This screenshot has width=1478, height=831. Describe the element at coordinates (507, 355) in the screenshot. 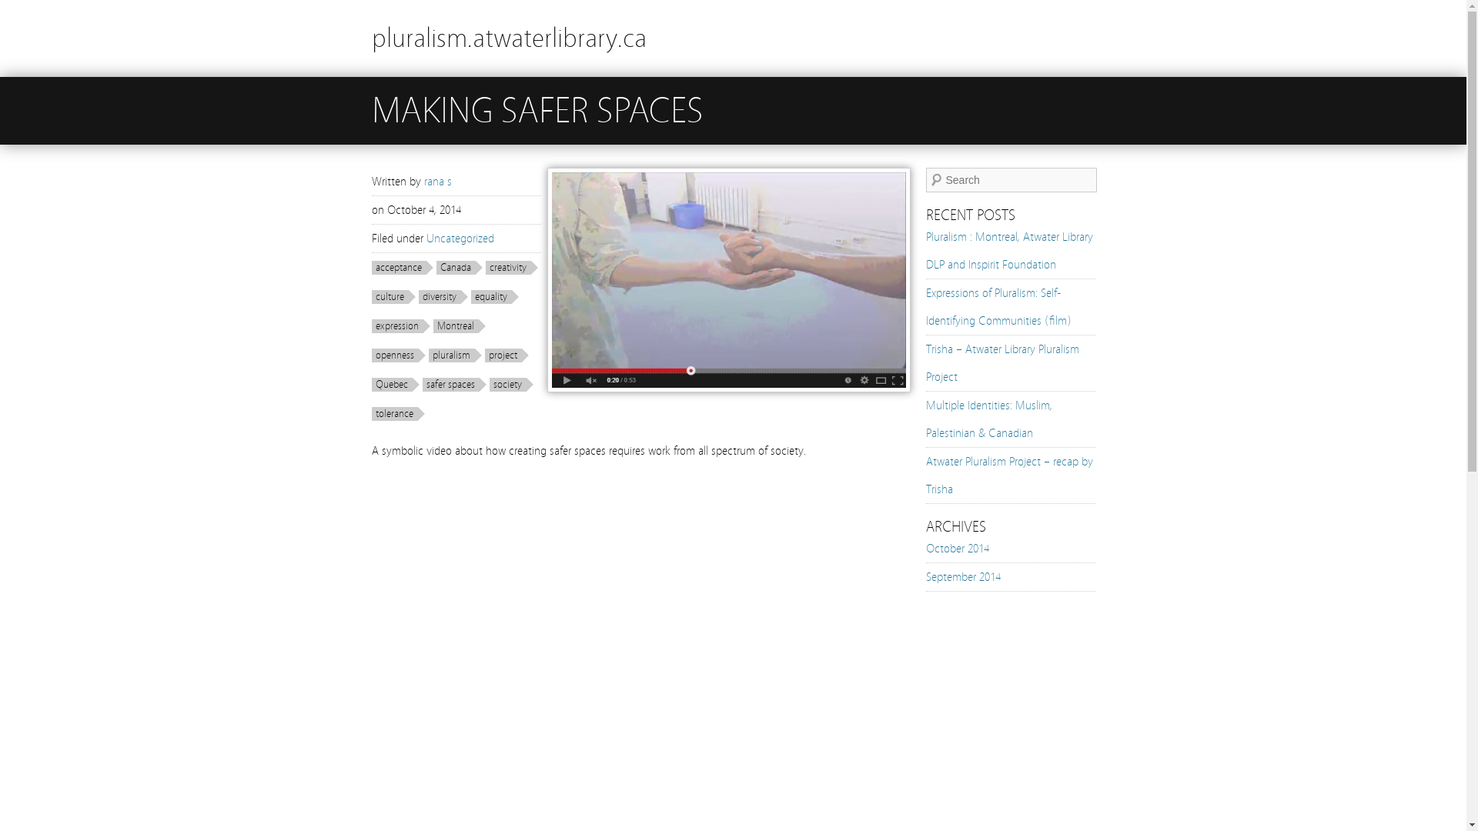

I see `'project'` at that location.